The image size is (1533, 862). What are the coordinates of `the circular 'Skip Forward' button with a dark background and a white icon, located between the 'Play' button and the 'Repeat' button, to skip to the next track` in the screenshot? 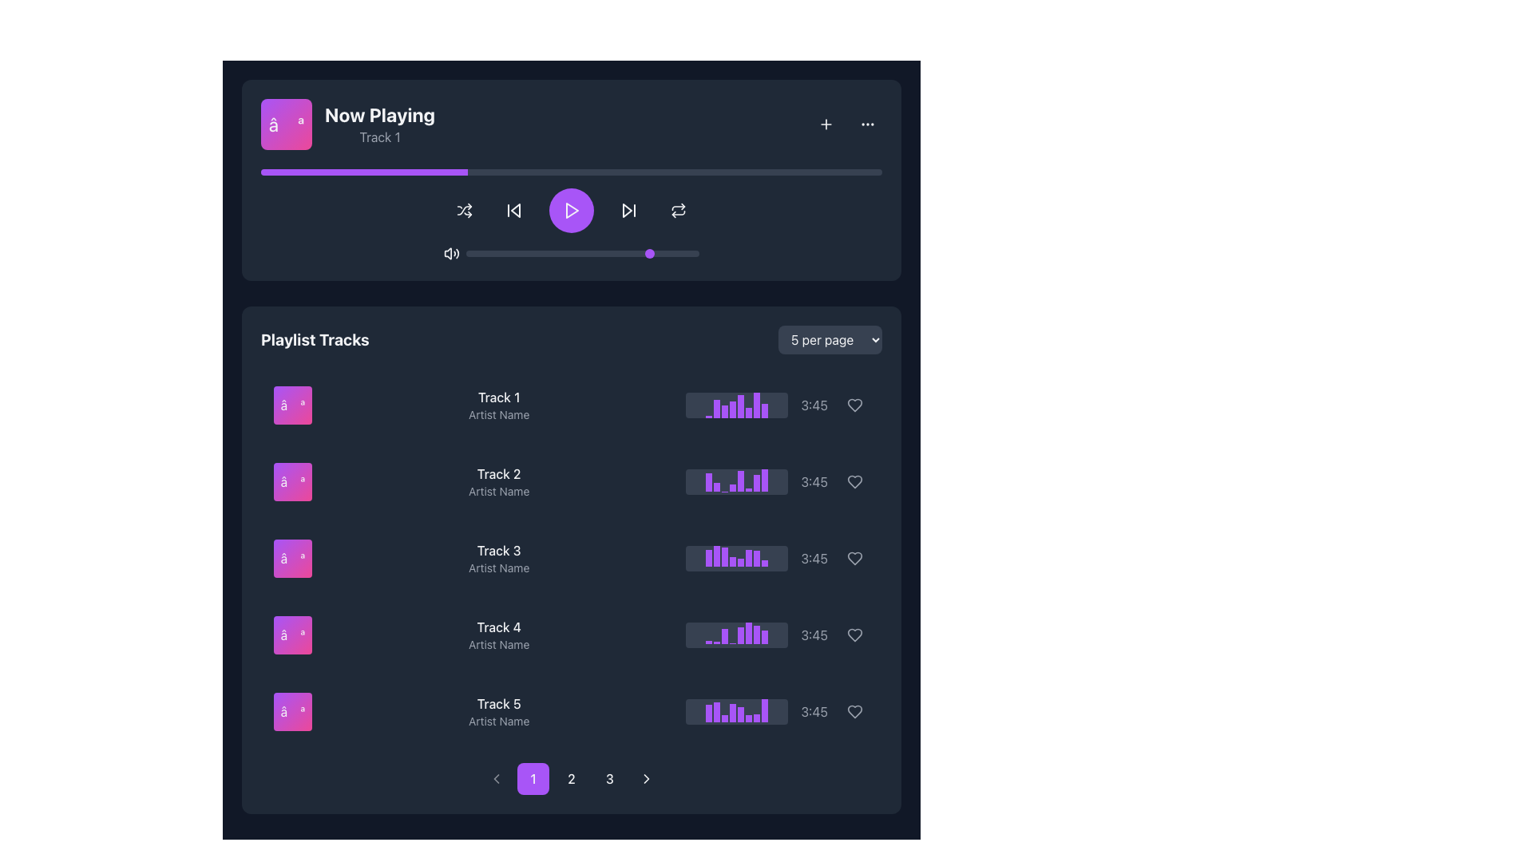 It's located at (628, 209).